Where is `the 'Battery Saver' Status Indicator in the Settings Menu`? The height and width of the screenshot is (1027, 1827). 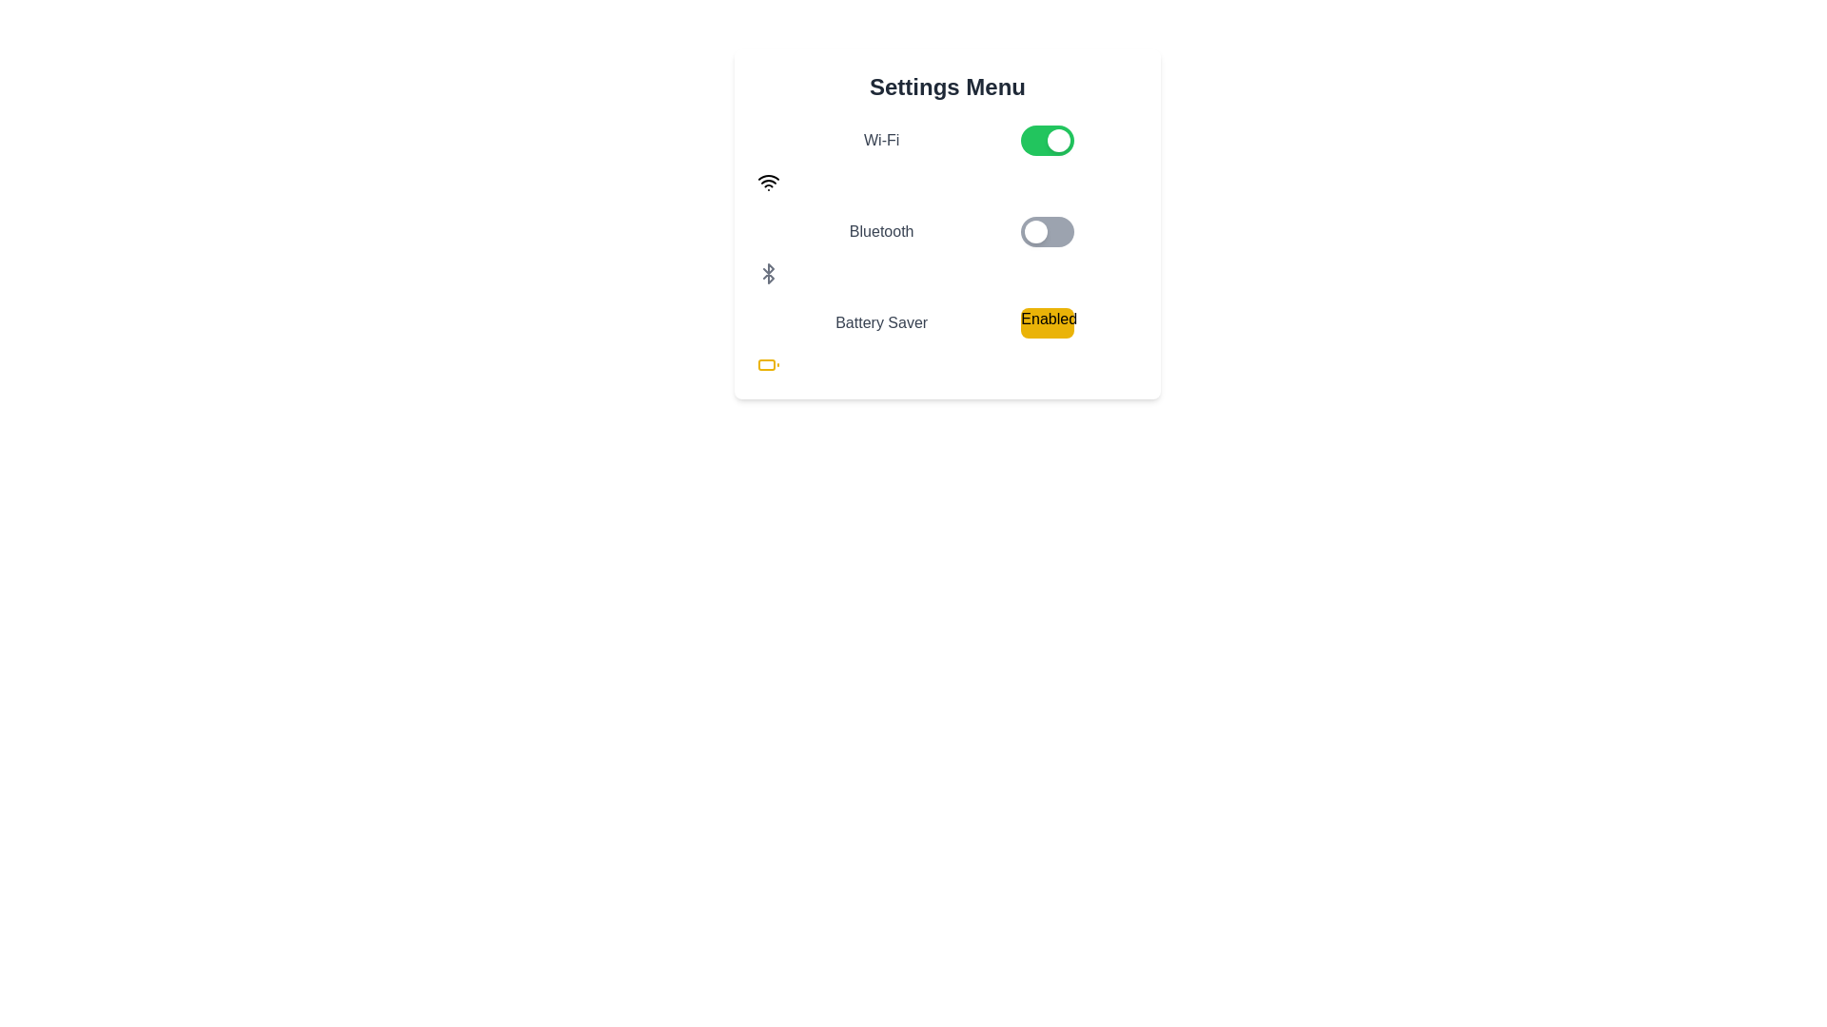
the 'Battery Saver' Status Indicator in the Settings Menu is located at coordinates (948, 340).